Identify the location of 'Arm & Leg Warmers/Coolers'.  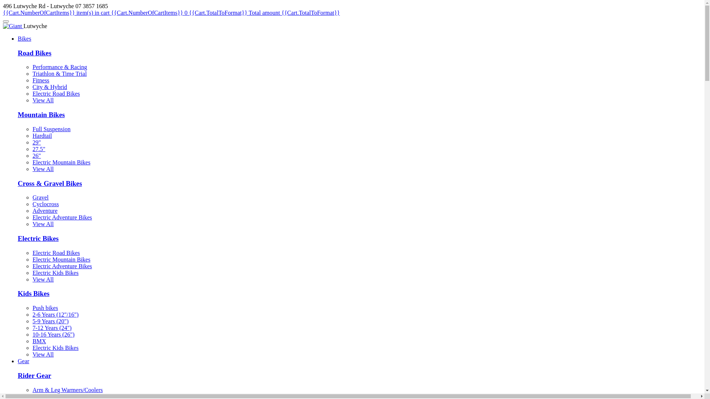
(67, 389).